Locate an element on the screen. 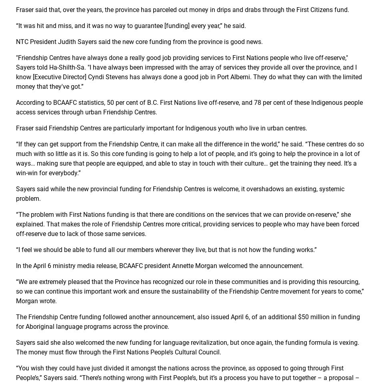 This screenshot has height=382, width=380. 'Fraser said Friendship Centres are particularly important for Indigenous youth who live in urban centres.' is located at coordinates (161, 128).